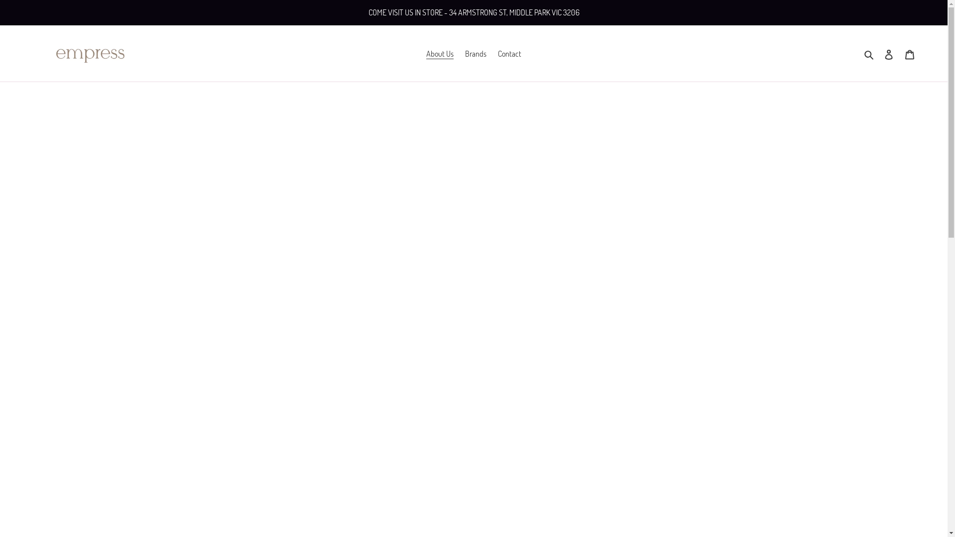 This screenshot has height=537, width=955. I want to click on 'Cart', so click(909, 54).